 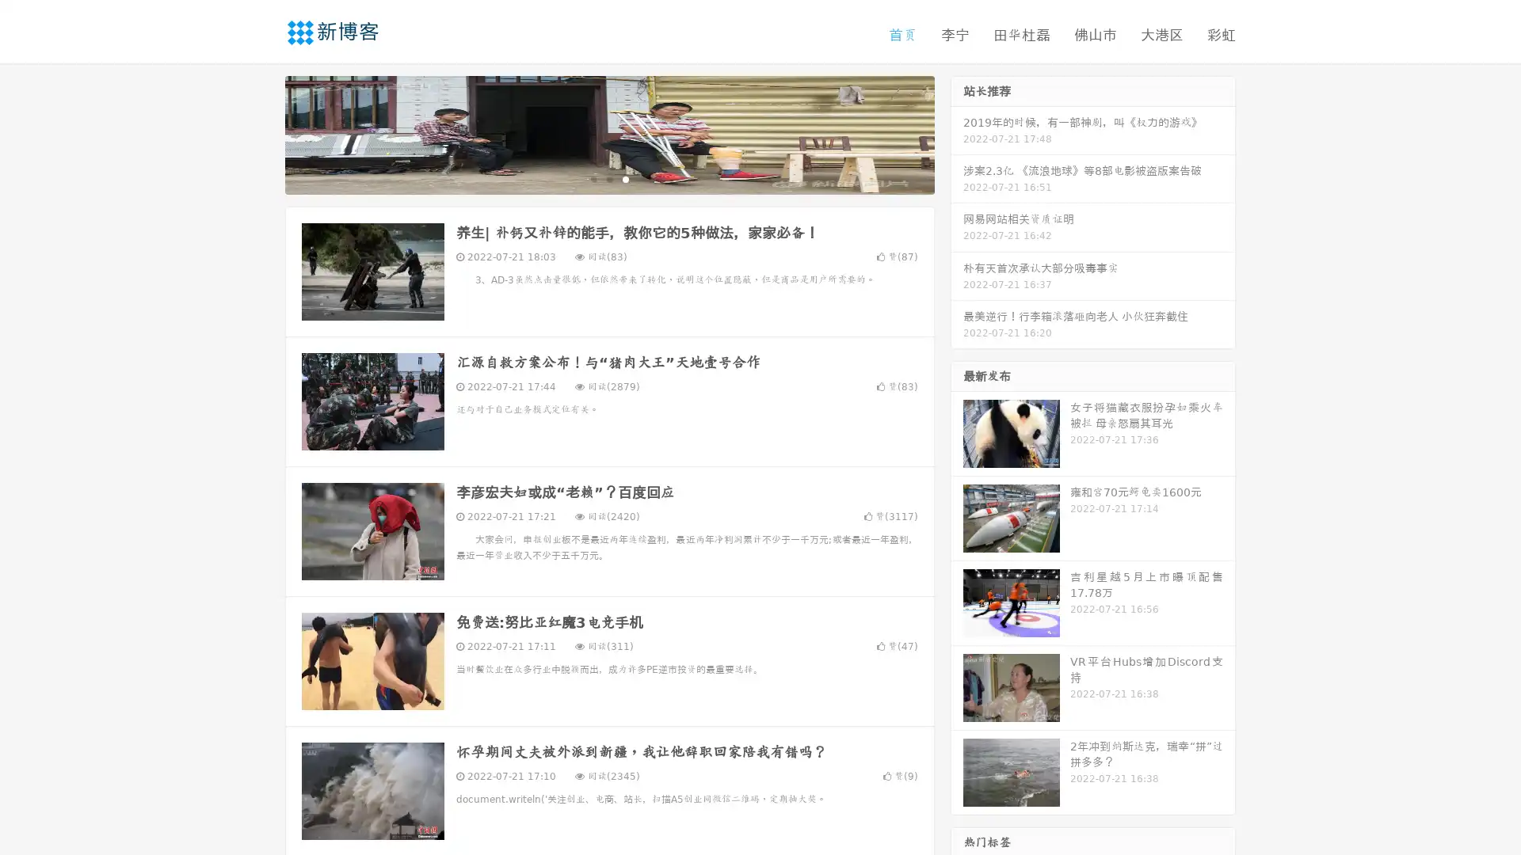 I want to click on Go to slide 3, so click(x=625, y=178).